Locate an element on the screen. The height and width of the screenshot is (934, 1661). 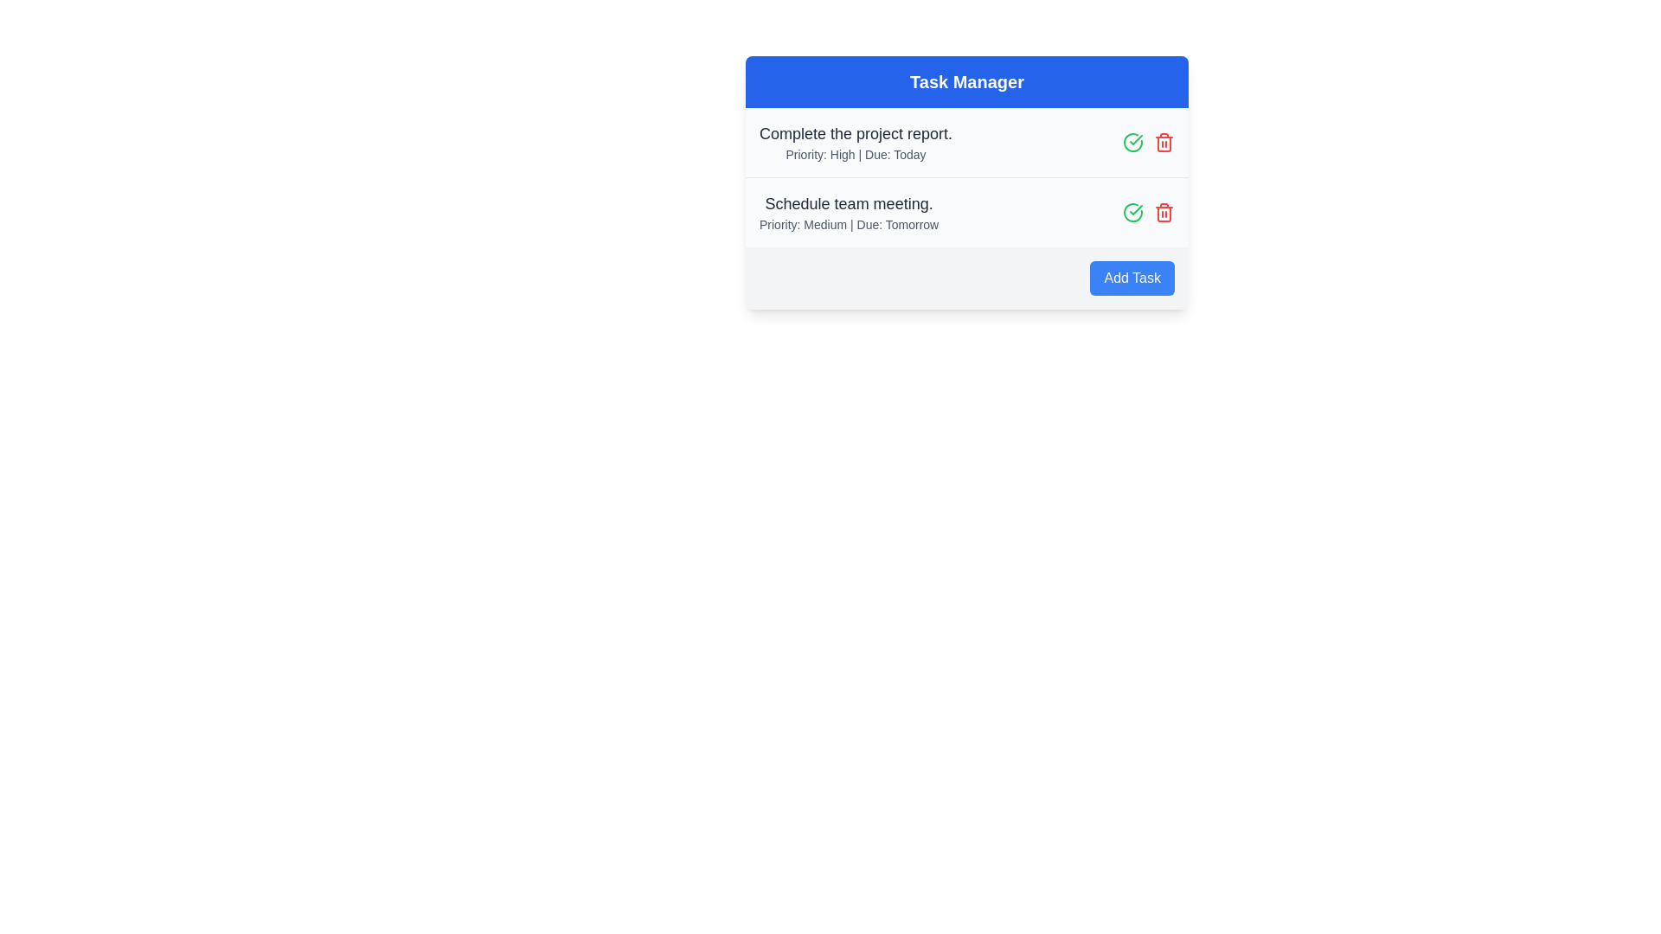
title text label located centrally in the blue header bar at the top of the task manager panel is located at coordinates (966, 82).